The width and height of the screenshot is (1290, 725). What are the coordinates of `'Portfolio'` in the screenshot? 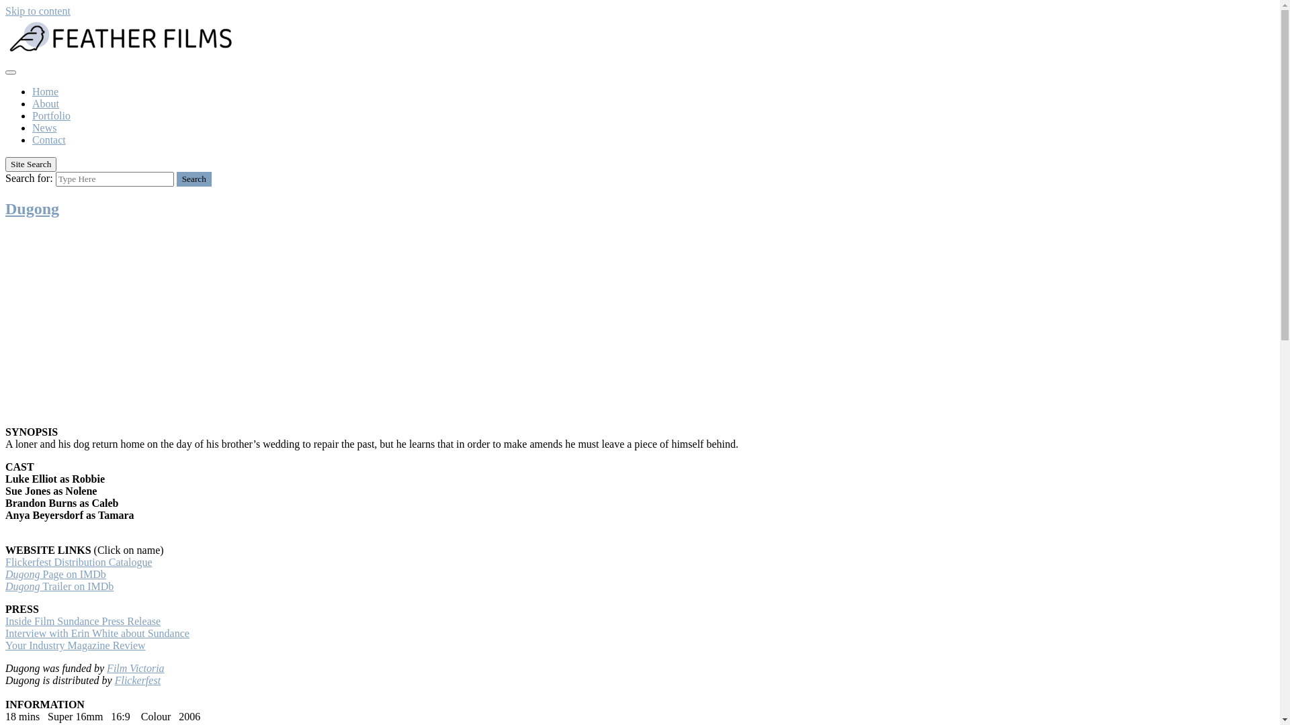 It's located at (32, 115).